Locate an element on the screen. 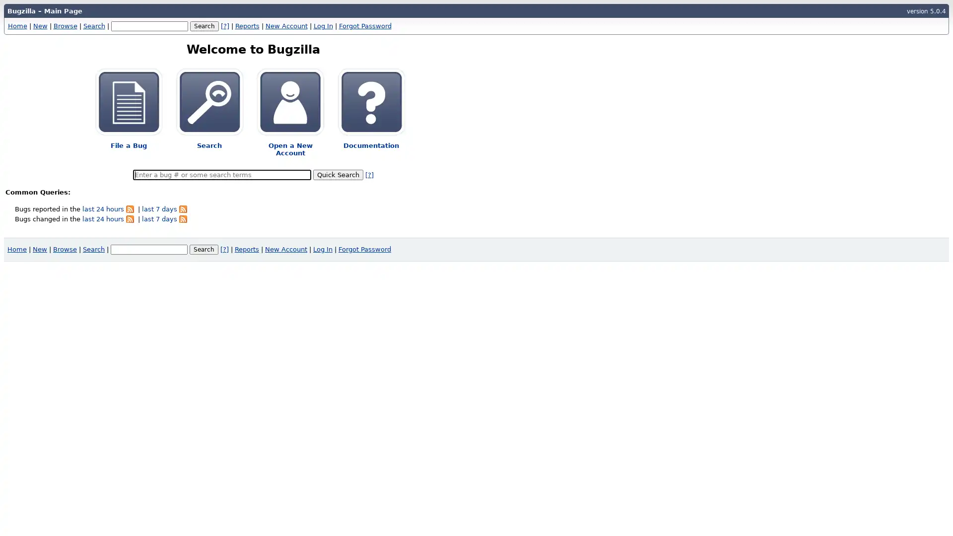 This screenshot has width=953, height=536. Quick Search is located at coordinates (338, 174).